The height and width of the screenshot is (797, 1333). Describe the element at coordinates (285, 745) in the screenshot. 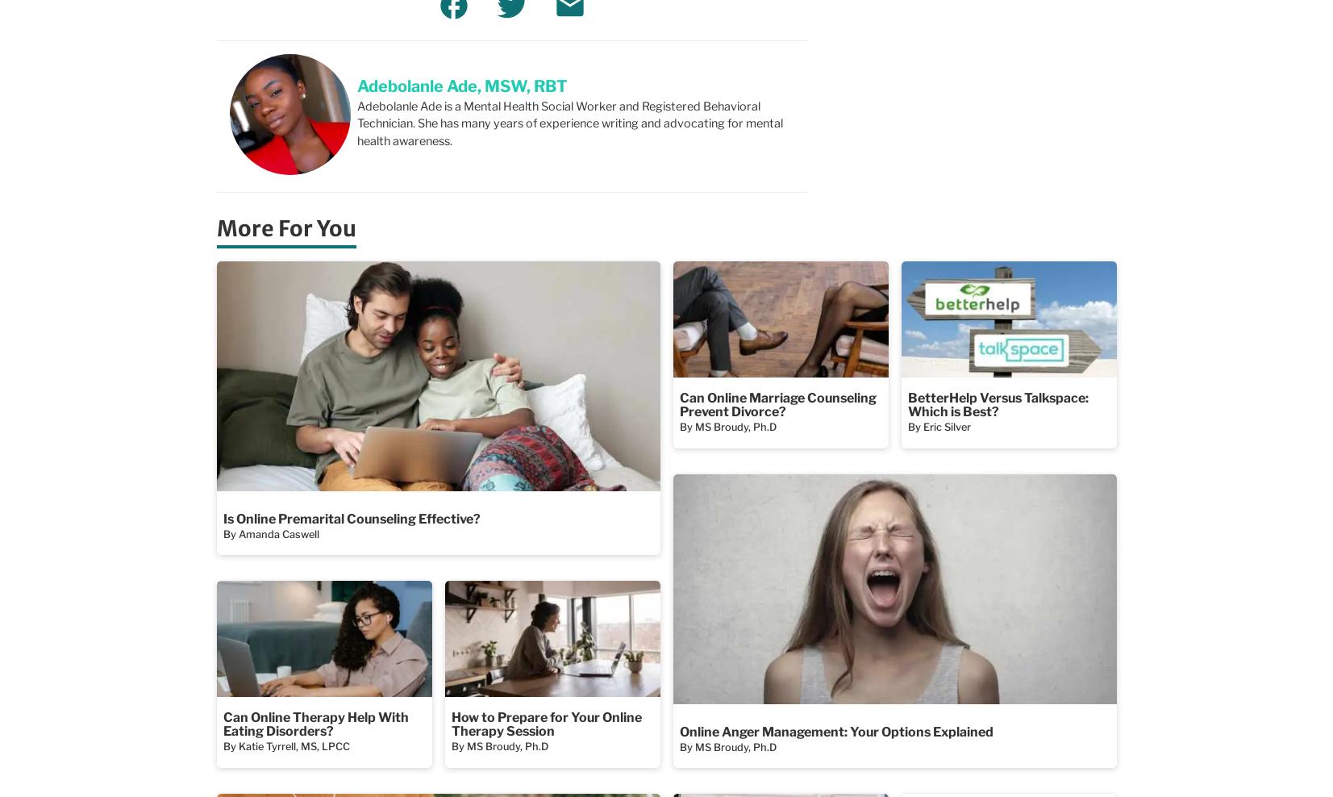

I see `'By Katie Tyrrell, MS, LPCC'` at that location.